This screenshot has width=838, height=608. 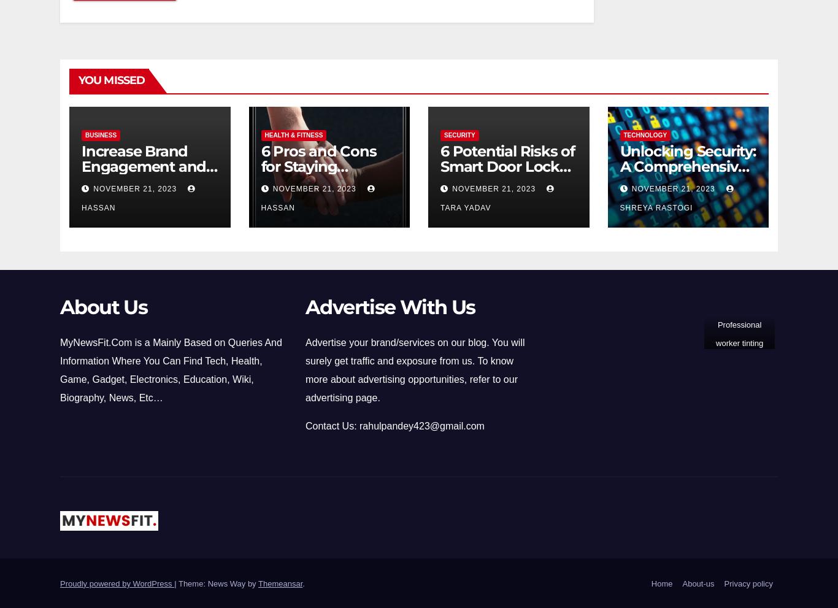 What do you see at coordinates (739, 352) in the screenshot?
I see `'Professional worker tinting window with foil indoors'` at bounding box center [739, 352].